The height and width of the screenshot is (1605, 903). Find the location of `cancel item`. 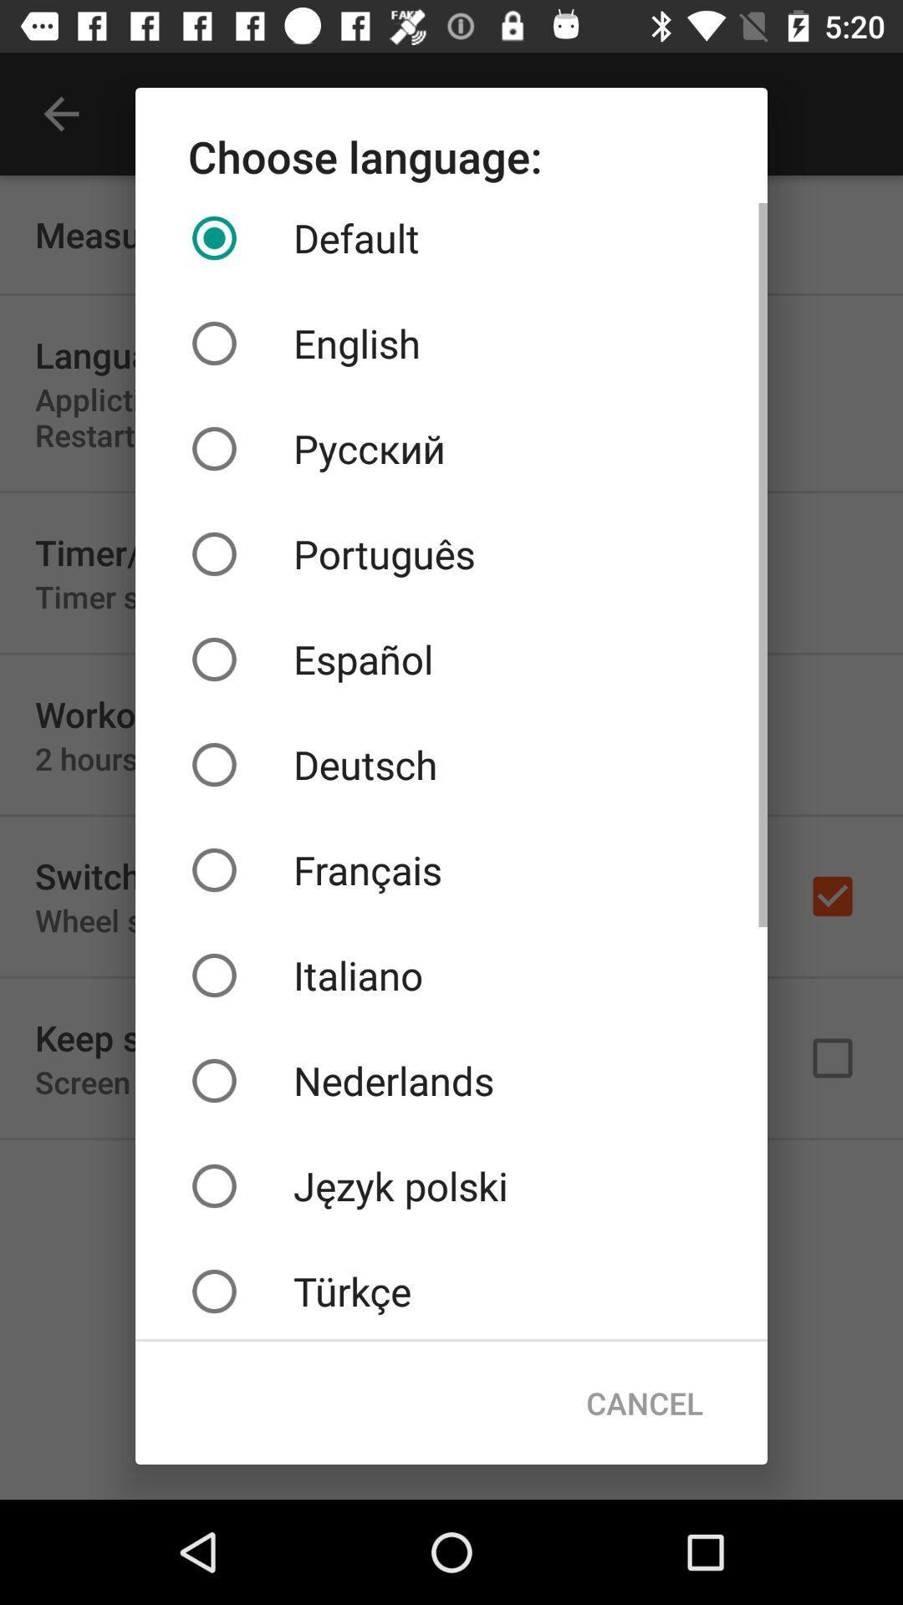

cancel item is located at coordinates (644, 1403).